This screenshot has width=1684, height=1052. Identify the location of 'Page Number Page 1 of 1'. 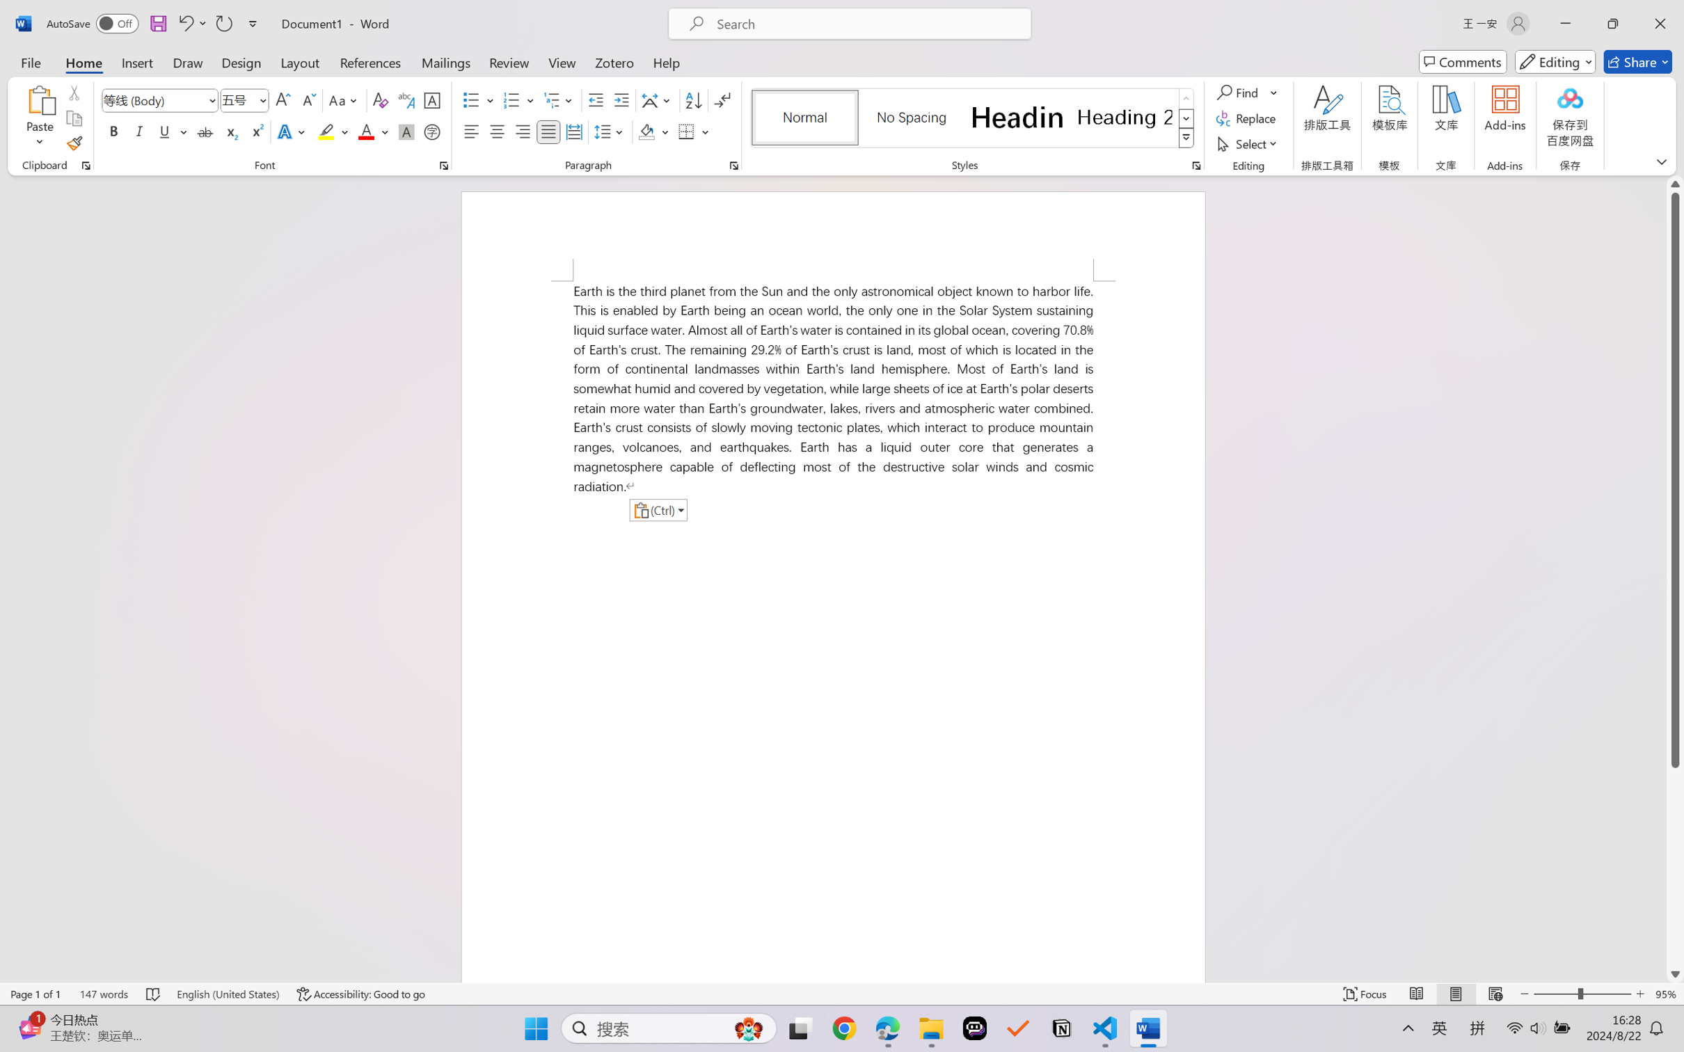
(36, 994).